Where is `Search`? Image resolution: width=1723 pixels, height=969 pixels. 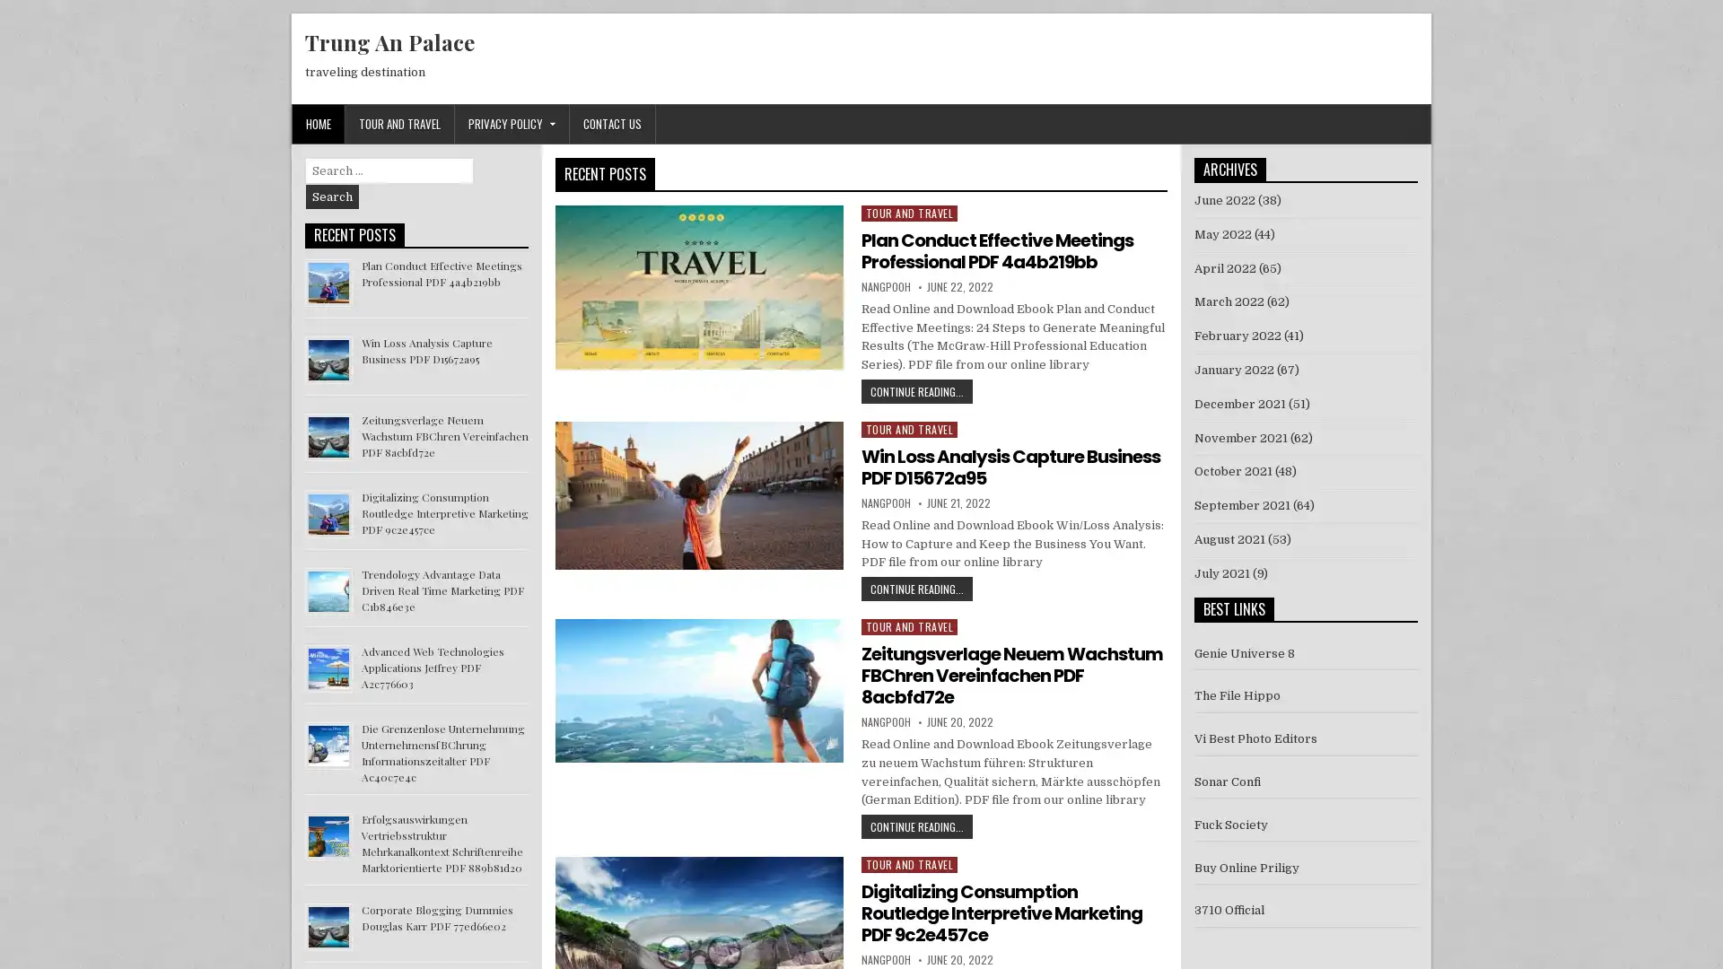
Search is located at coordinates (332, 196).